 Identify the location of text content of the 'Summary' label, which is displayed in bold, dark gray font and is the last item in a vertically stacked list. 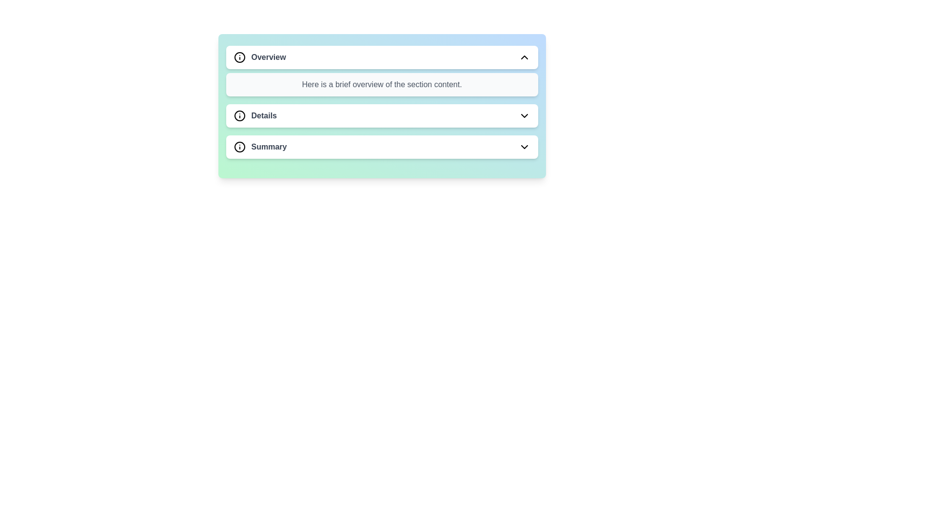
(269, 147).